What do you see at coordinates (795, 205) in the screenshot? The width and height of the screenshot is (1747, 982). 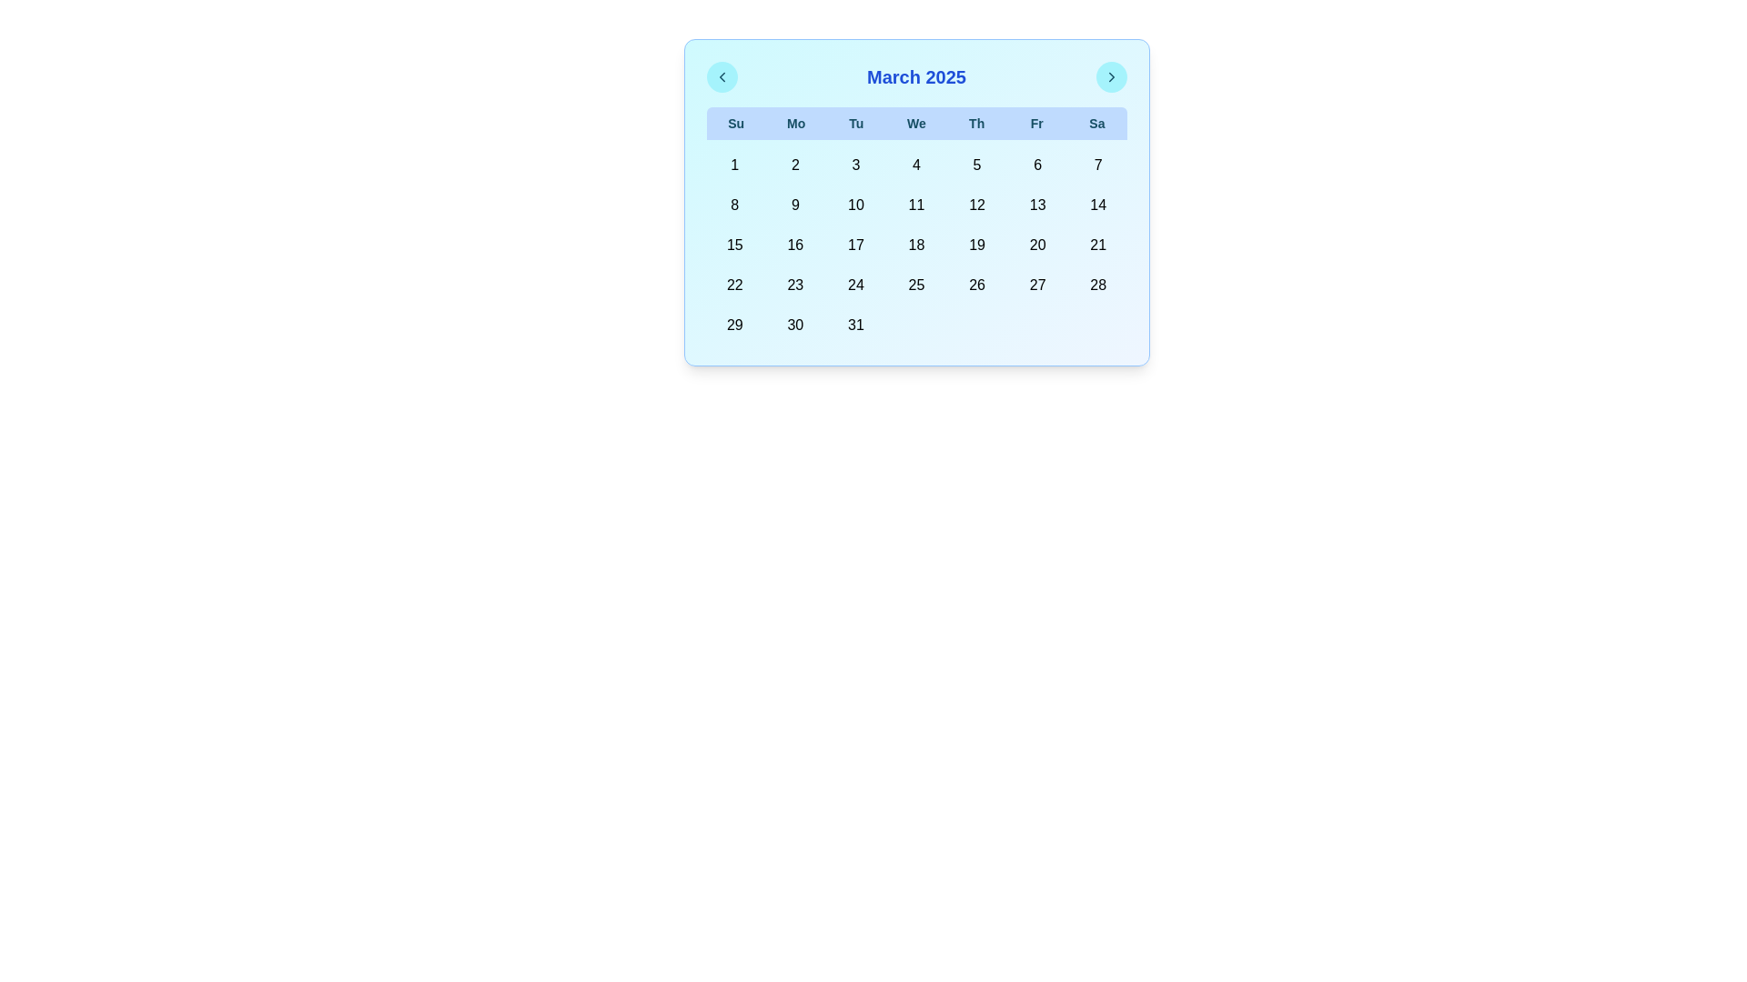 I see `the button representing the date '9' in the calendar interface` at bounding box center [795, 205].